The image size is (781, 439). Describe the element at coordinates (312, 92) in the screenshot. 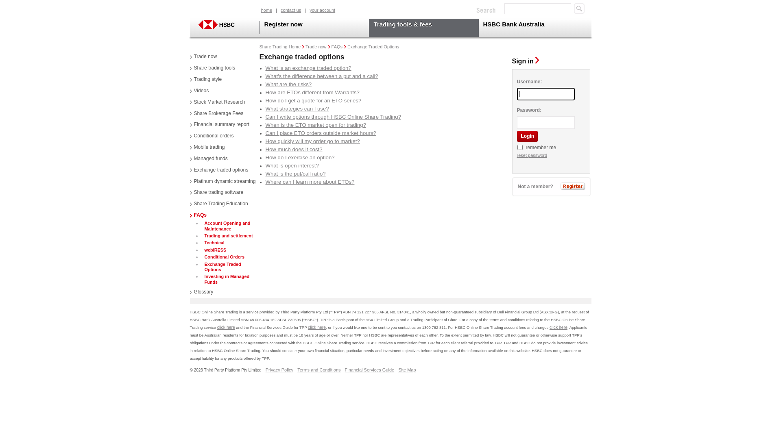

I see `'How are ETOs different from Warrants?'` at that location.